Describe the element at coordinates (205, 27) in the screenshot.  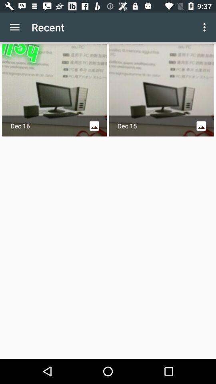
I see `the app to the right of recent icon` at that location.